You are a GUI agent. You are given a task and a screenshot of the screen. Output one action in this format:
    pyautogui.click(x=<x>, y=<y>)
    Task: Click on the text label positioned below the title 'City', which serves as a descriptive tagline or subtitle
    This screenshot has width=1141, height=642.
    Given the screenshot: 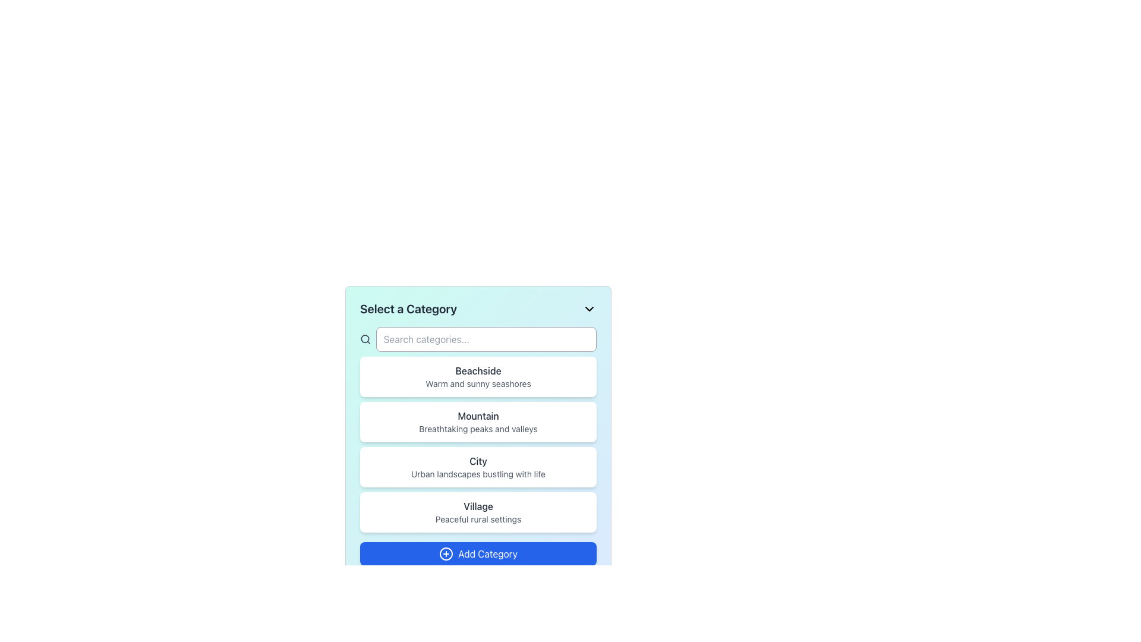 What is the action you would take?
    pyautogui.click(x=478, y=474)
    